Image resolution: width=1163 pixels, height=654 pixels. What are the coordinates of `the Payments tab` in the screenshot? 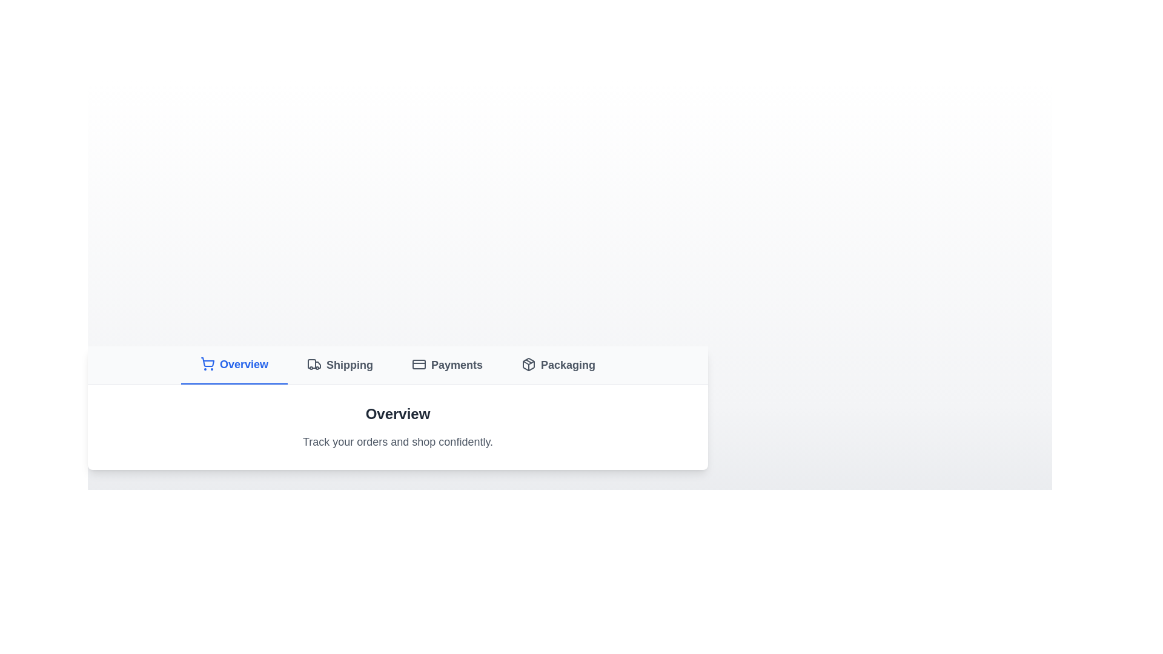 It's located at (446, 365).